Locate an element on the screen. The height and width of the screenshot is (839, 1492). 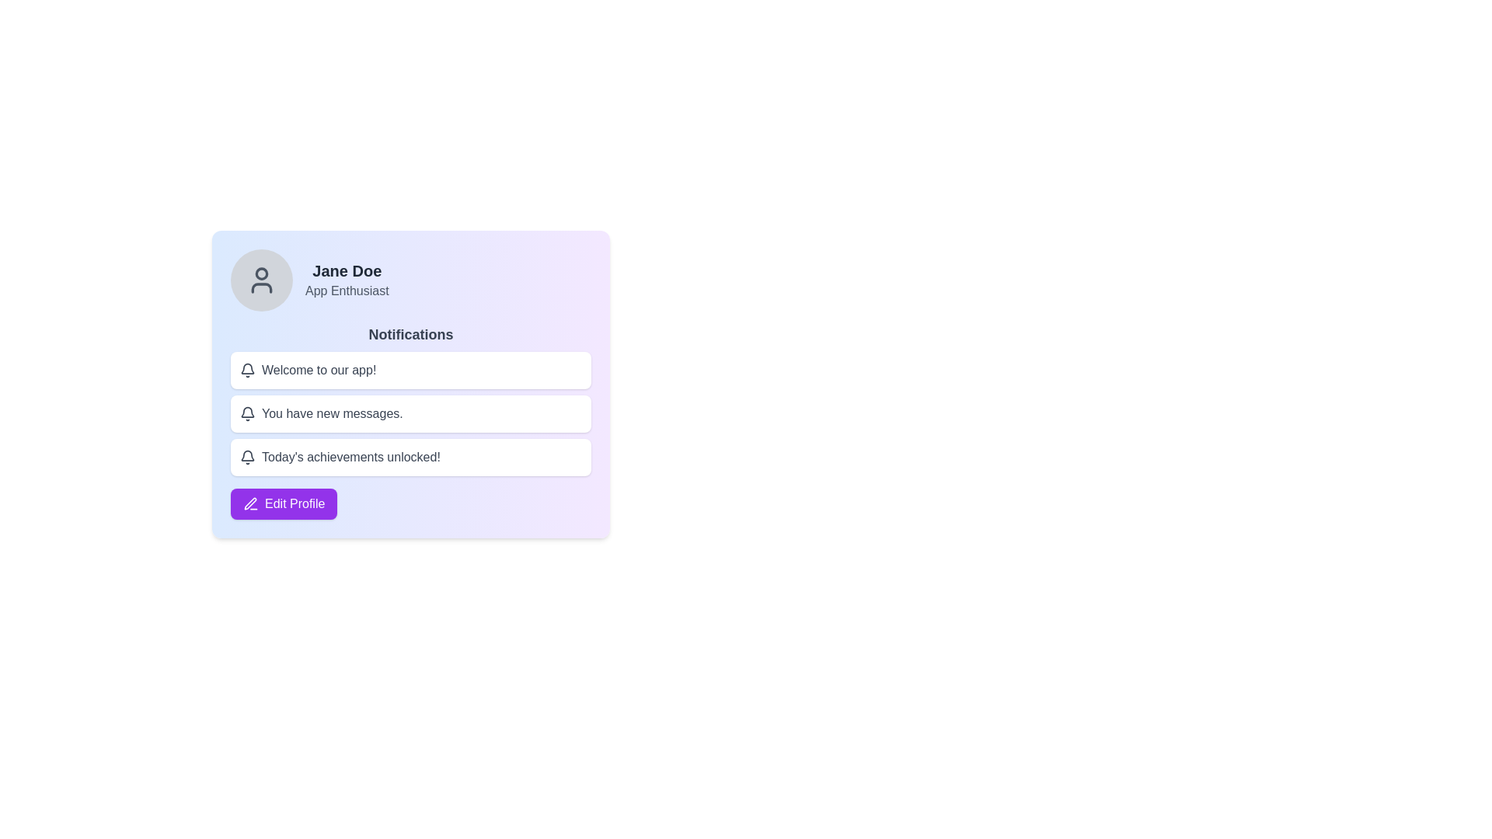
the unique purple 'Edit Profile' button with a pen icon is located at coordinates (284, 503).